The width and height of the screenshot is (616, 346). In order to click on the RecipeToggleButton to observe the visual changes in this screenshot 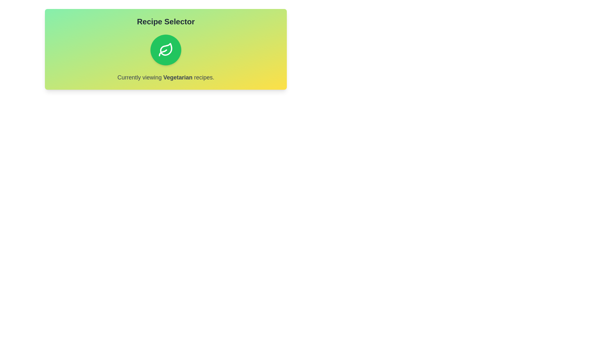, I will do `click(166, 49)`.